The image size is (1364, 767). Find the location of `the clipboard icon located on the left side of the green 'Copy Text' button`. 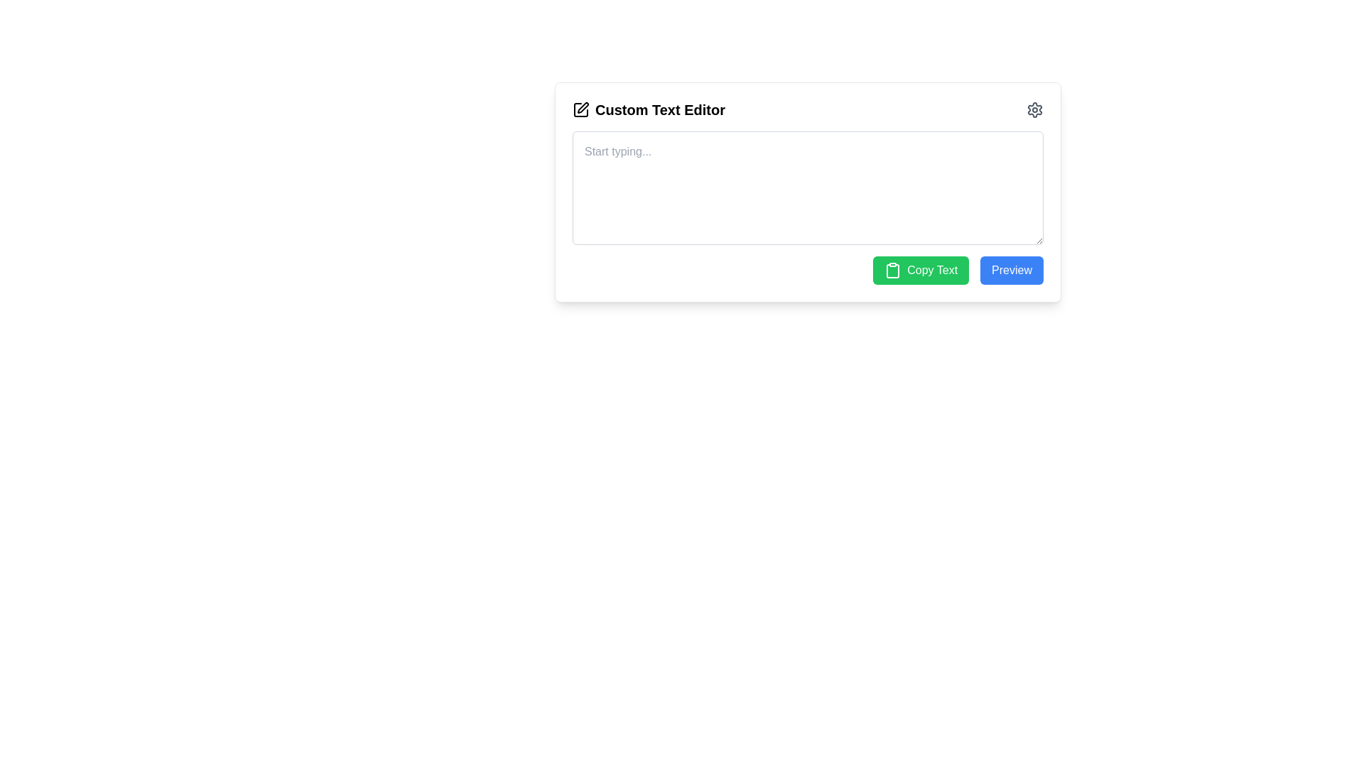

the clipboard icon located on the left side of the green 'Copy Text' button is located at coordinates (892, 271).